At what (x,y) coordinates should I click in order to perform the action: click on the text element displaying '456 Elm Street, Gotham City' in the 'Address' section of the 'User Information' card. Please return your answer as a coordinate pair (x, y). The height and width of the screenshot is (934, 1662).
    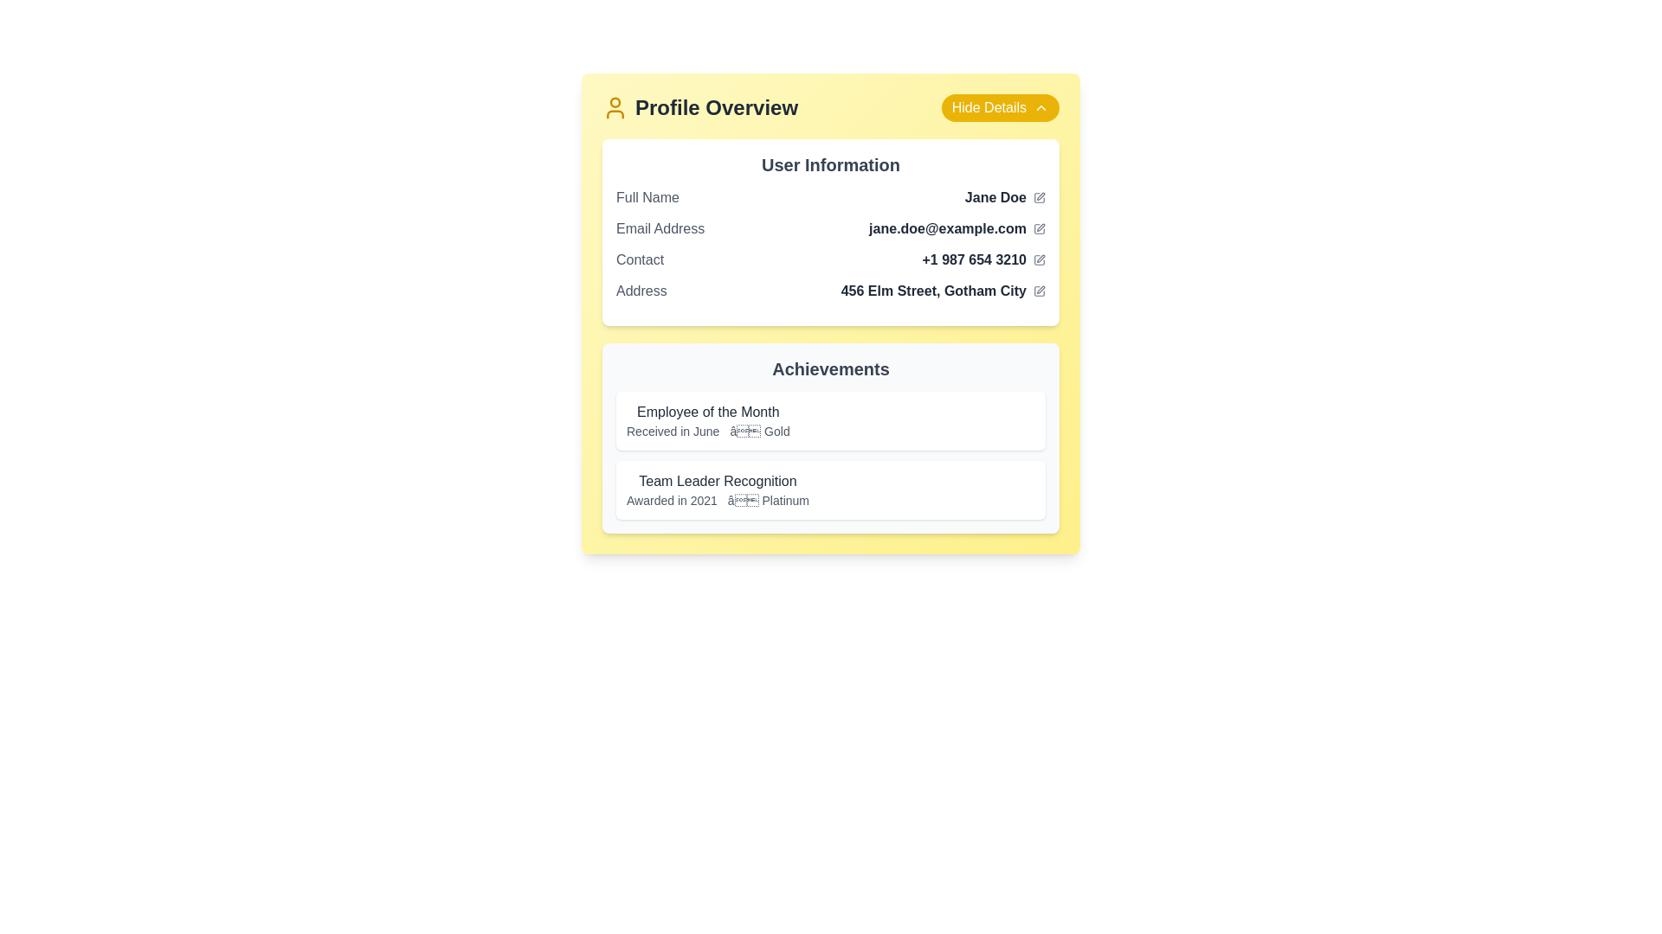
    Looking at the image, I should click on (942, 290).